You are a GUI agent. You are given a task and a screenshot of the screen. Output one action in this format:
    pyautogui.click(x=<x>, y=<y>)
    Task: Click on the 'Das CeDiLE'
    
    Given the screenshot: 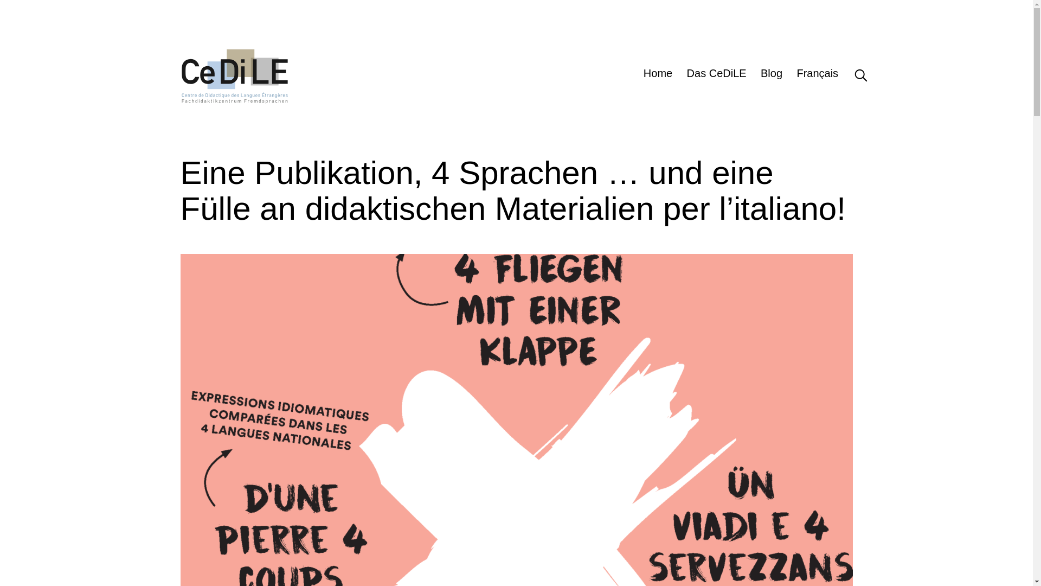 What is the action you would take?
    pyautogui.click(x=716, y=74)
    